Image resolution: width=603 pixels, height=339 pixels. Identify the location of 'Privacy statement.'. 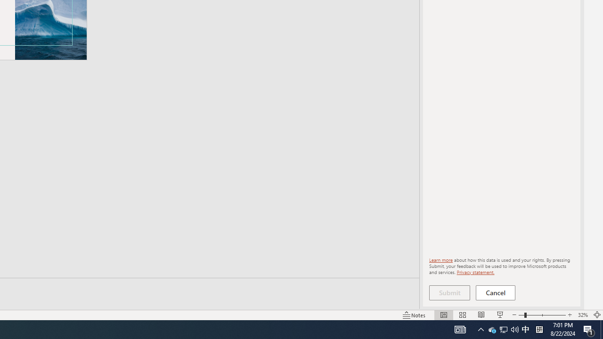
(475, 272).